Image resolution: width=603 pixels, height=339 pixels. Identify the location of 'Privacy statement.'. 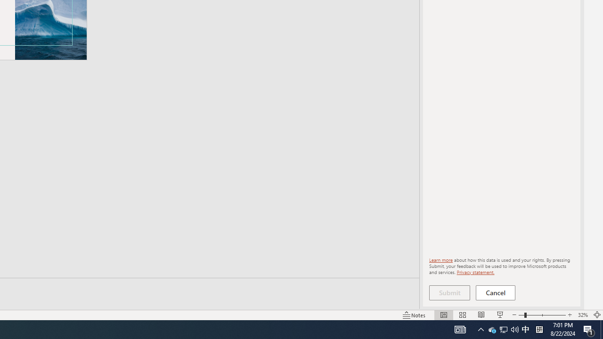
(475, 272).